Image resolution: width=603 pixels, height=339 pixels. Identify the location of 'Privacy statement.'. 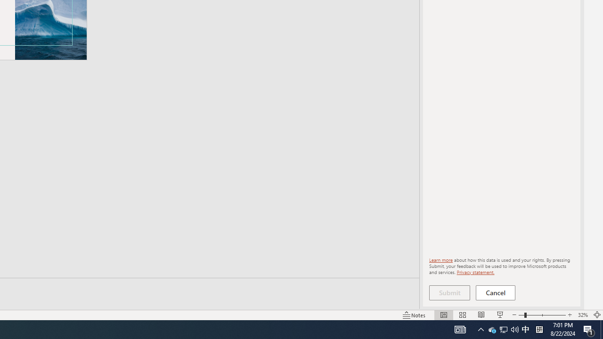
(475, 272).